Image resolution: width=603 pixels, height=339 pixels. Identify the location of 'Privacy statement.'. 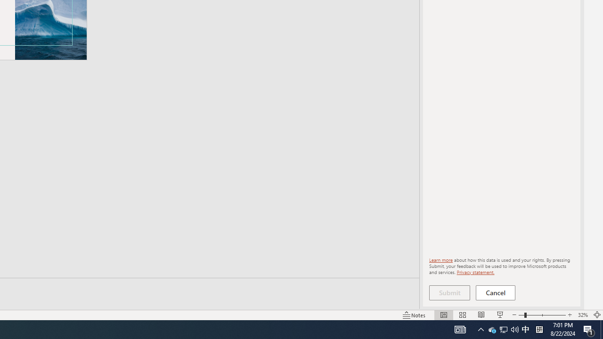
(475, 272).